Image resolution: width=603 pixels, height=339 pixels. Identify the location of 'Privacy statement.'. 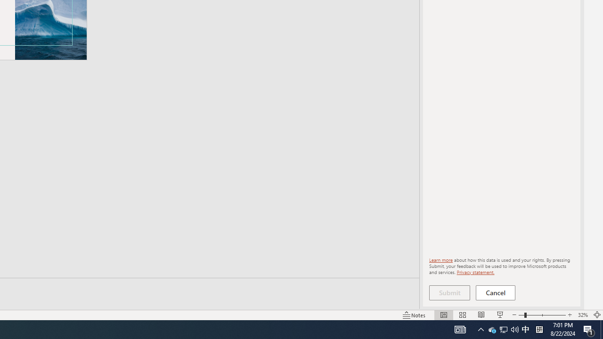
(475, 272).